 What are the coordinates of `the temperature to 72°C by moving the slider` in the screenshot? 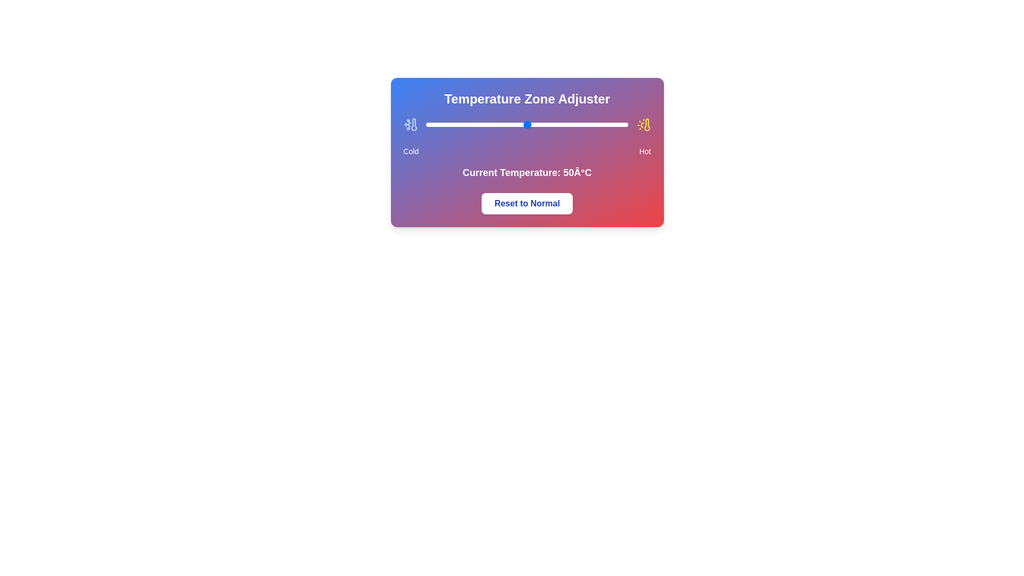 It's located at (571, 124).